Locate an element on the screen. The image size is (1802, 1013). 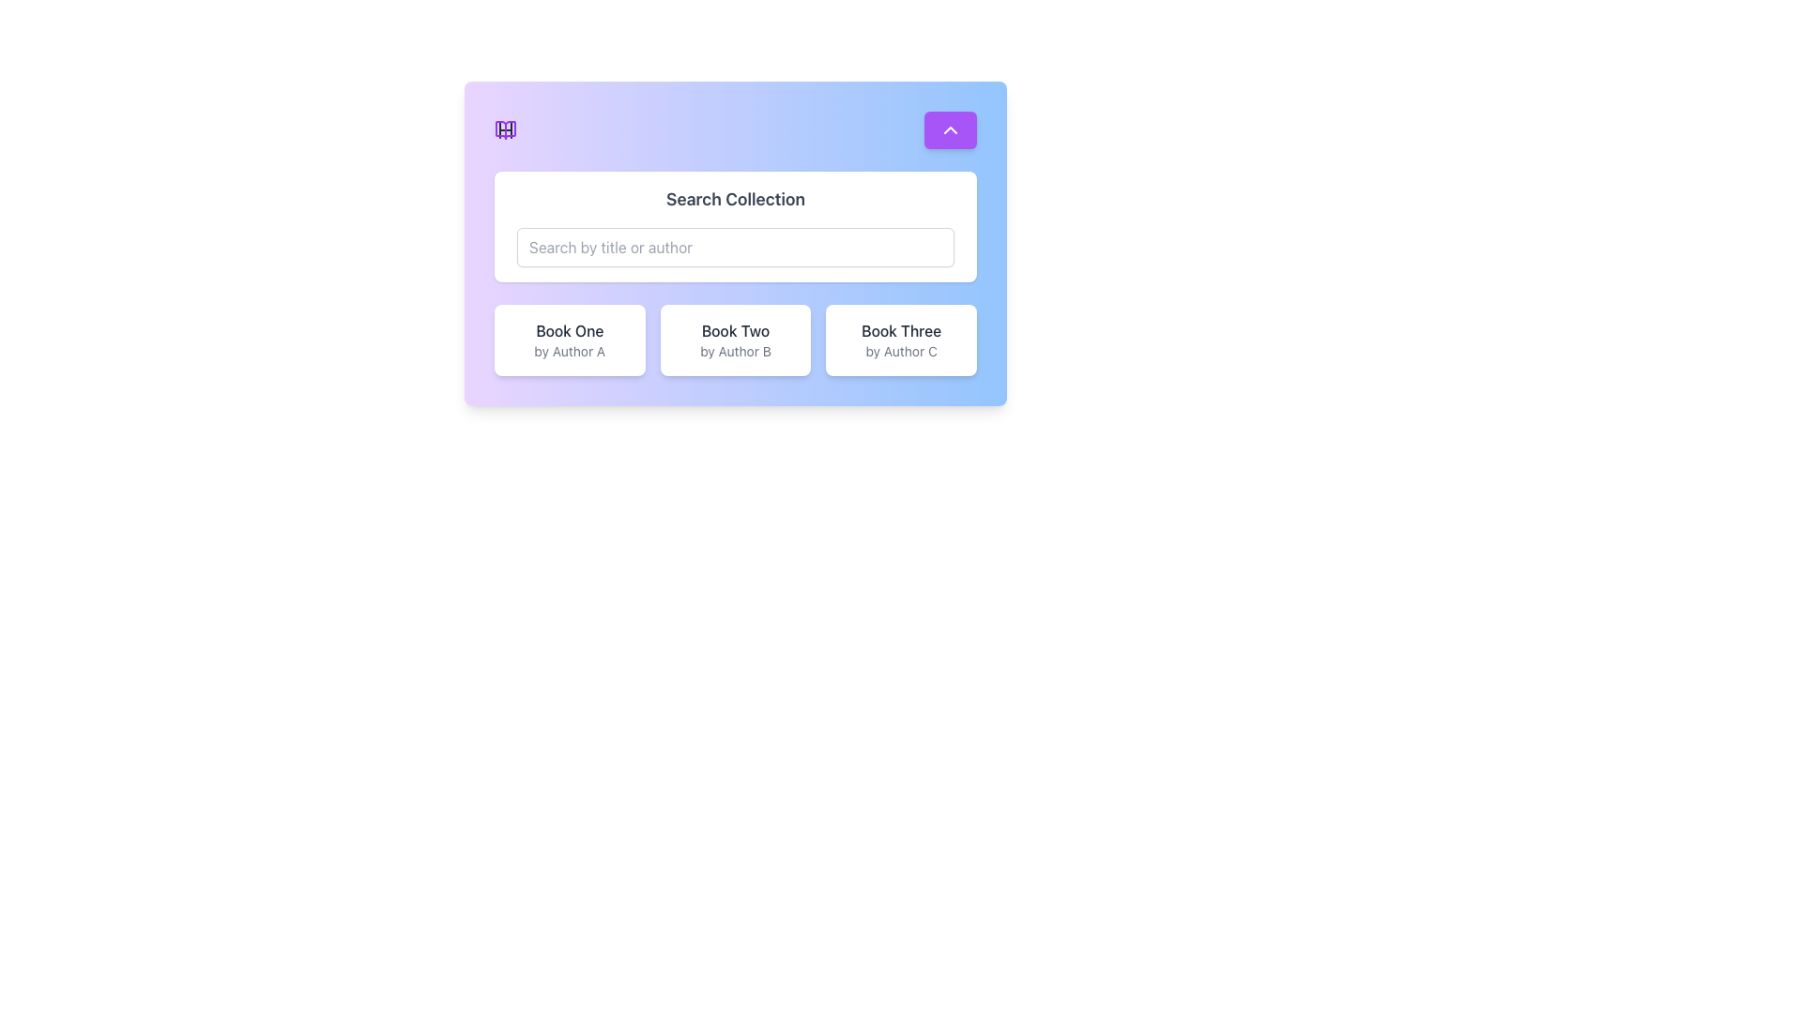
the informational card displaying details about a book, which is the second card in a horizontal grid of three cards is located at coordinates (734, 340).